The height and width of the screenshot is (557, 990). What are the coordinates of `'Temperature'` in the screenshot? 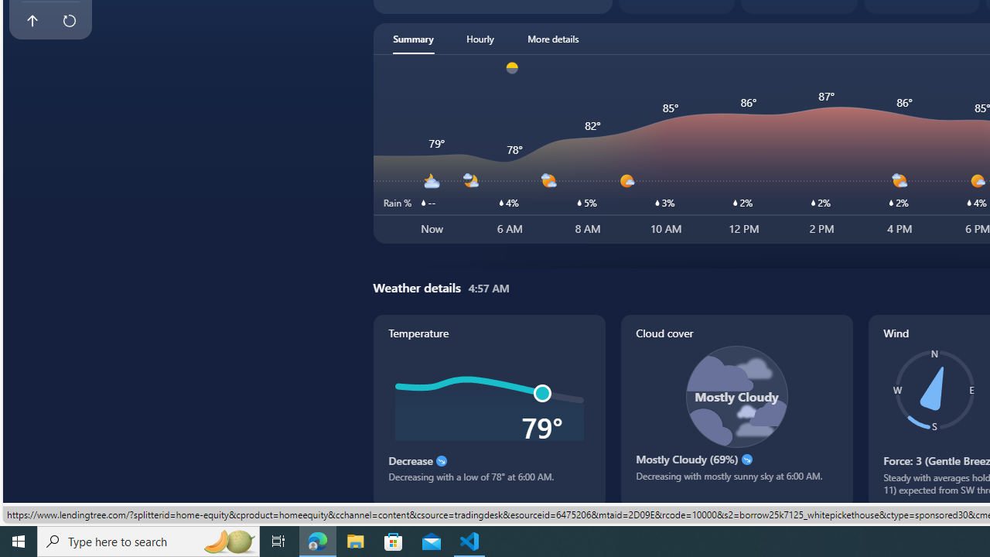 It's located at (488, 410).